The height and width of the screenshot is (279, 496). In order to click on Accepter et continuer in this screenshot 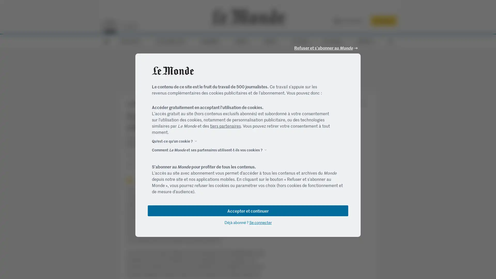, I will do `click(248, 210)`.